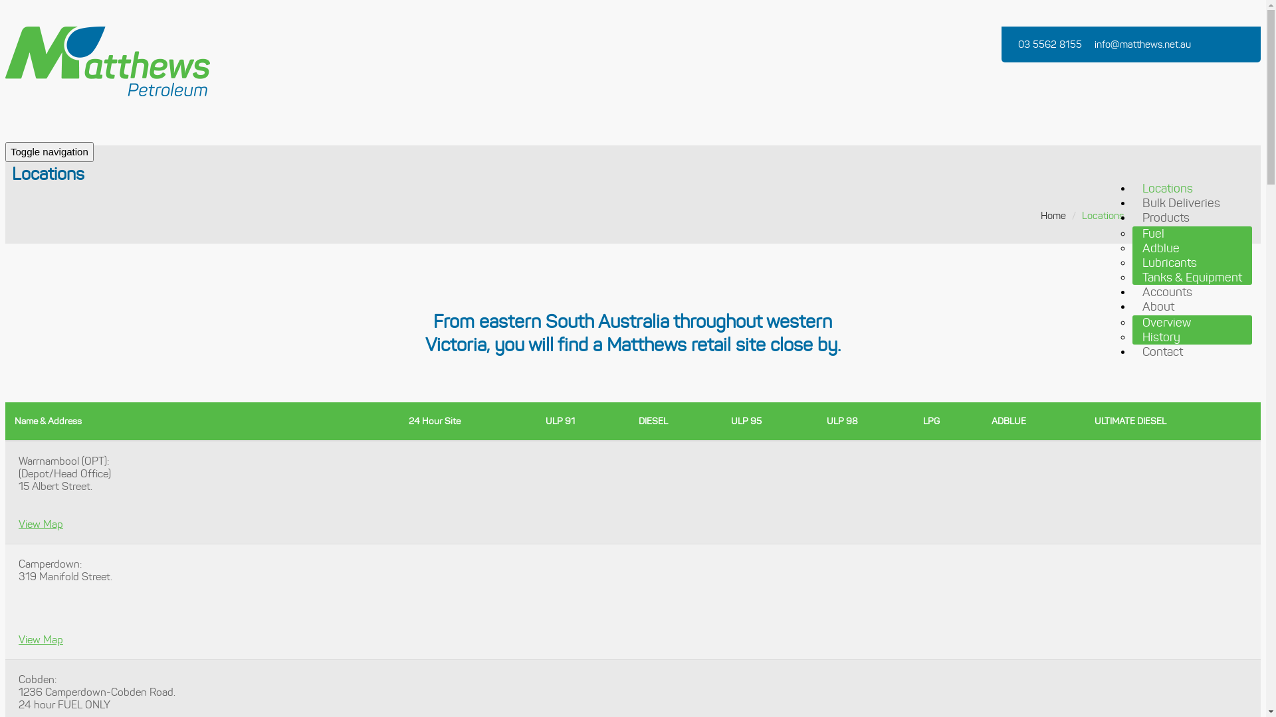  What do you see at coordinates (1144, 43) in the screenshot?
I see `'info@matthews.net.au'` at bounding box center [1144, 43].